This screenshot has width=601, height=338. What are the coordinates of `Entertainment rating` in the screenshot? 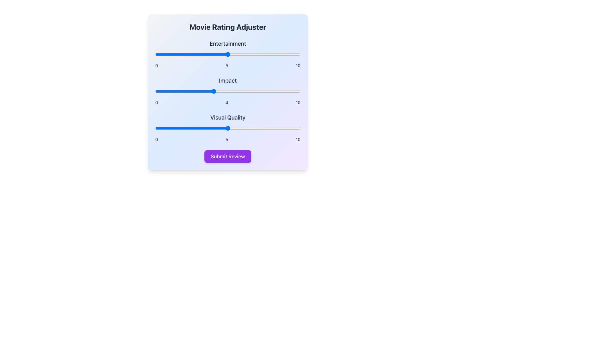 It's located at (285, 54).